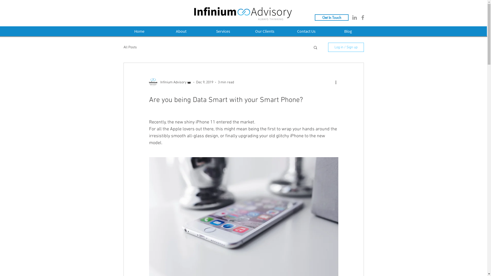 This screenshot has width=491, height=276. Describe the element at coordinates (346, 47) in the screenshot. I see `'Log in / Sign up'` at that location.